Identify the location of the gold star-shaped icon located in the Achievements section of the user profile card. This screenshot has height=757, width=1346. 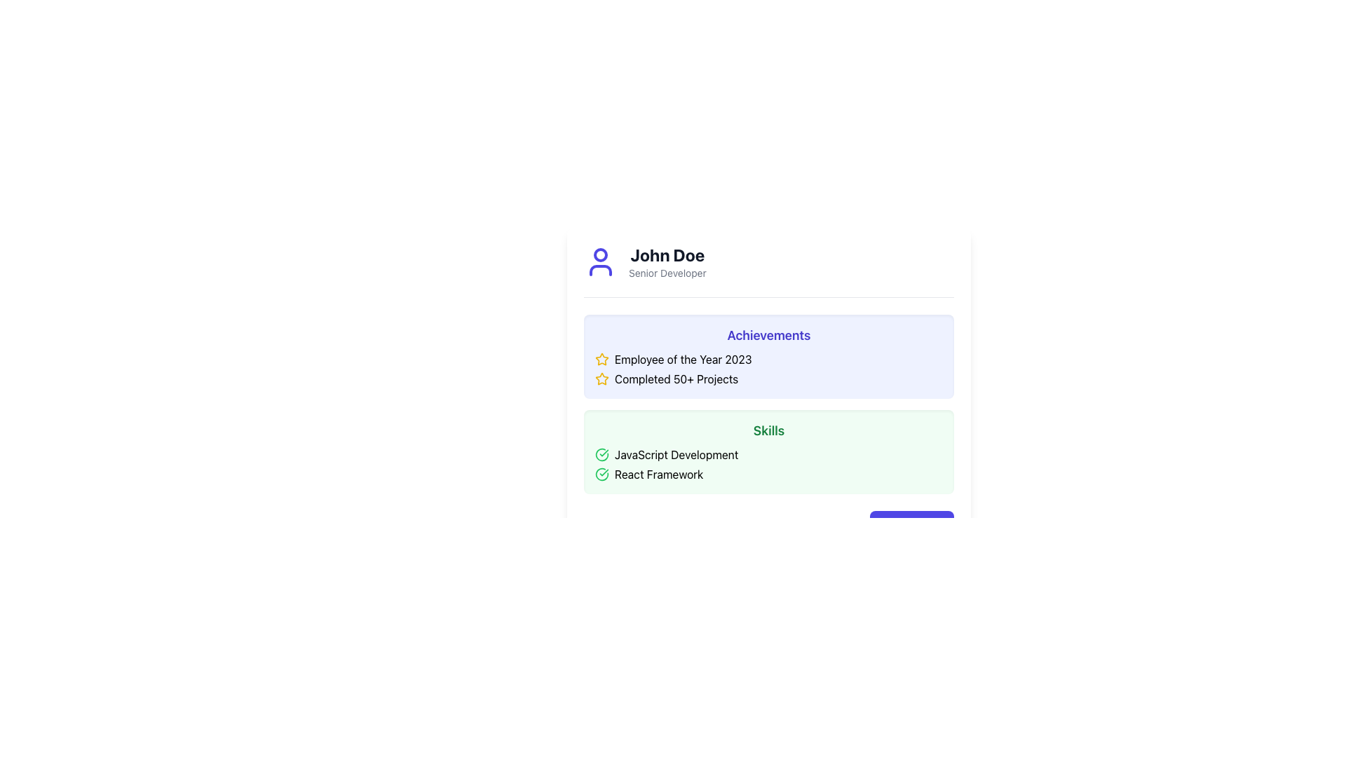
(602, 378).